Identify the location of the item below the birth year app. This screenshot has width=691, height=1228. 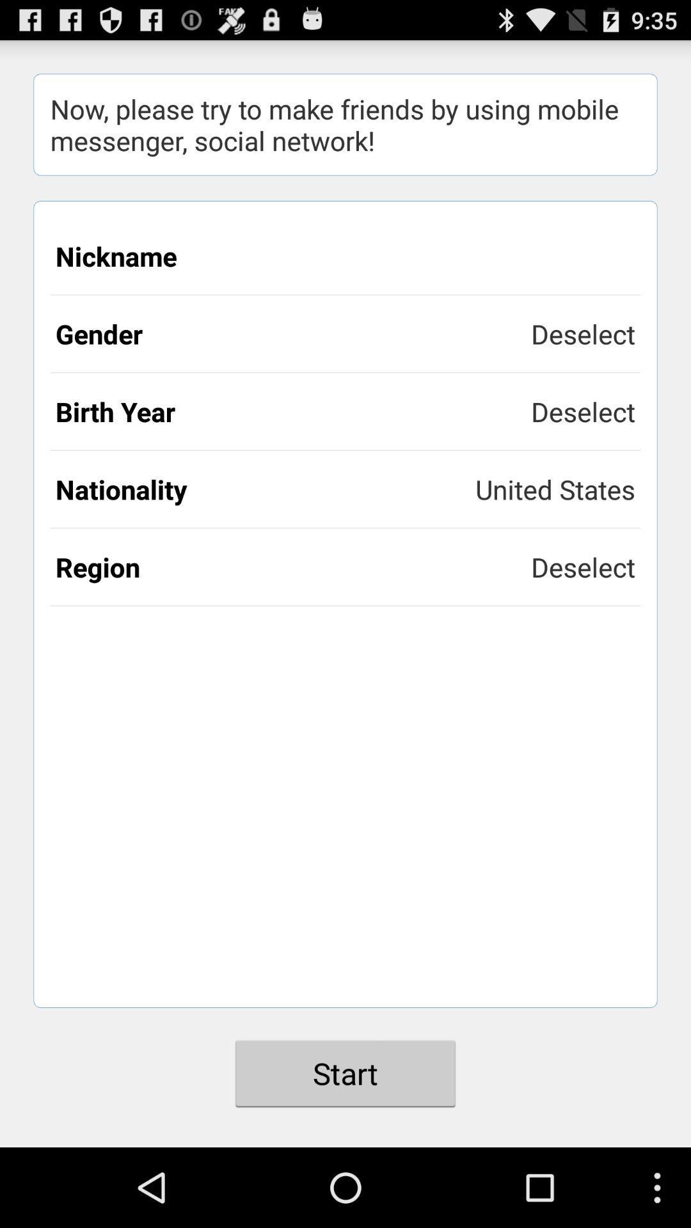
(555, 488).